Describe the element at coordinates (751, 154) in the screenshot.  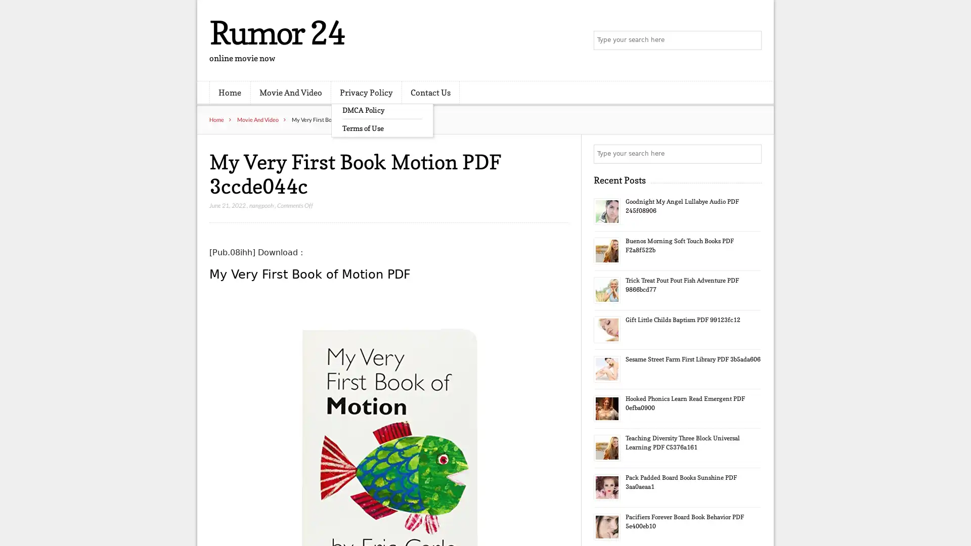
I see `Search` at that location.